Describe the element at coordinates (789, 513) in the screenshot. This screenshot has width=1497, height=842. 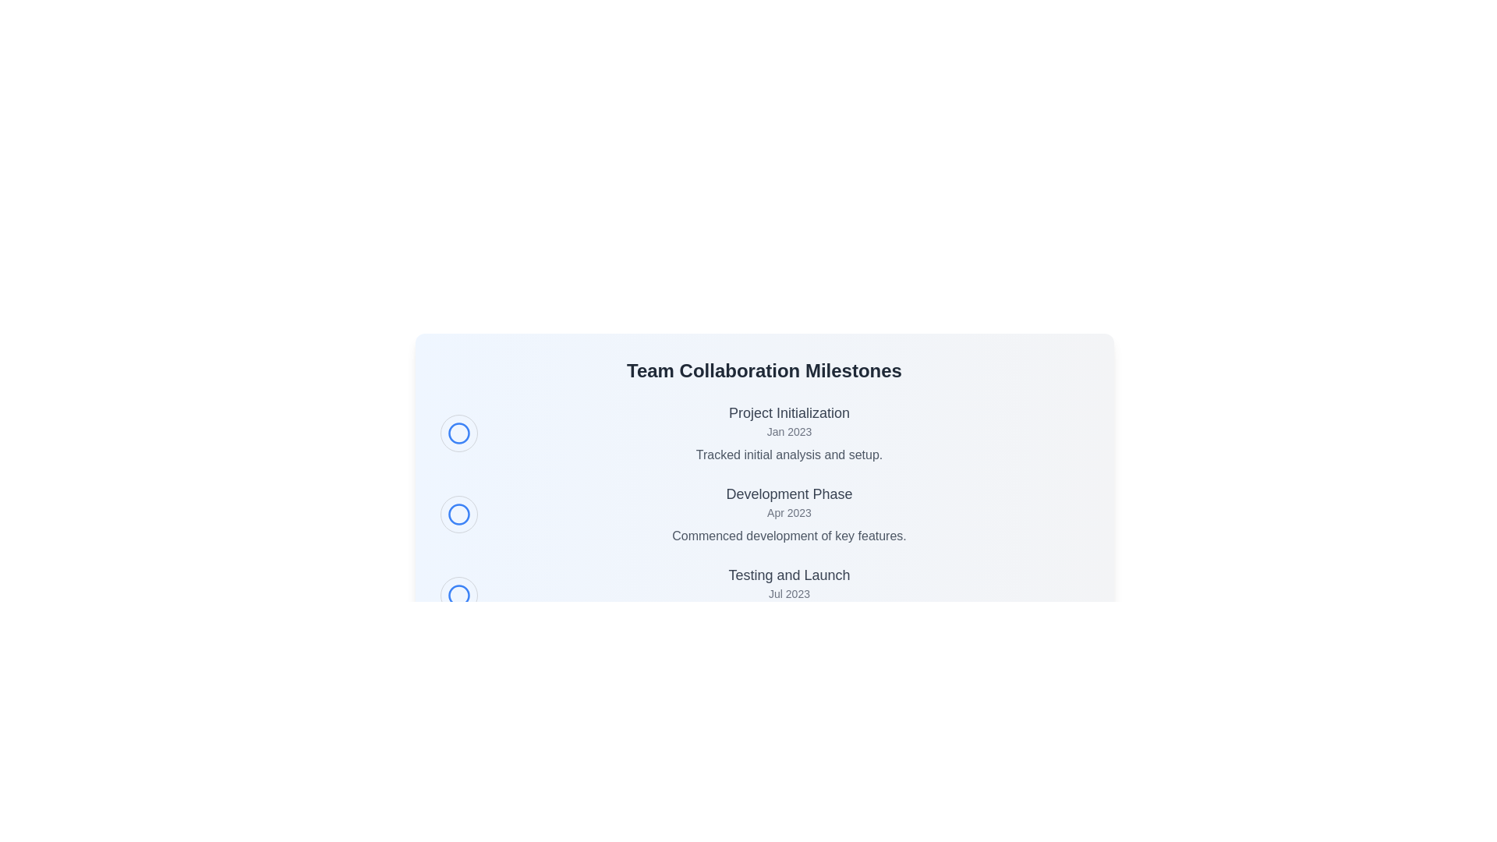
I see `text displayed, which is 'Apr 2023', positioned centrally under 'Development Phase' and above 'Commenced development of key features.'` at that location.